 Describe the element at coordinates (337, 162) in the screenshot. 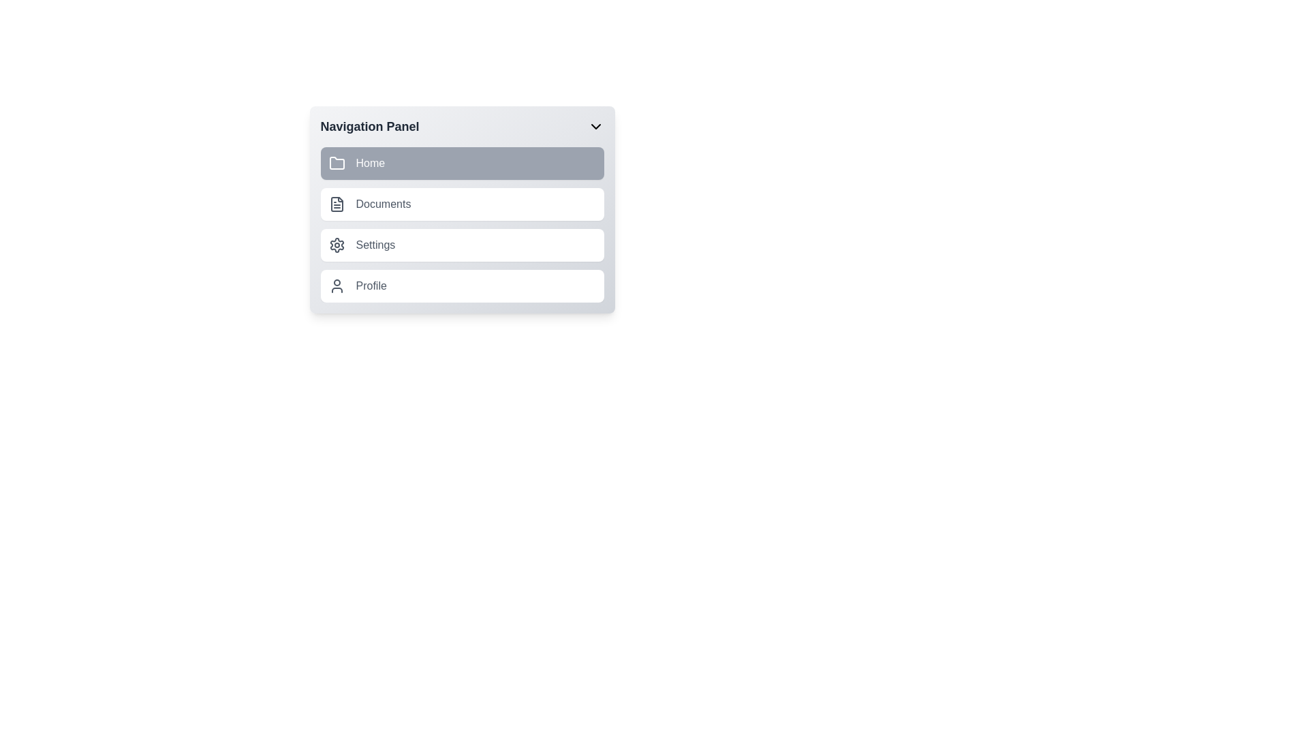

I see `the folder icon located on the leftmost side of the 'Home' navigation option in the panel` at that location.